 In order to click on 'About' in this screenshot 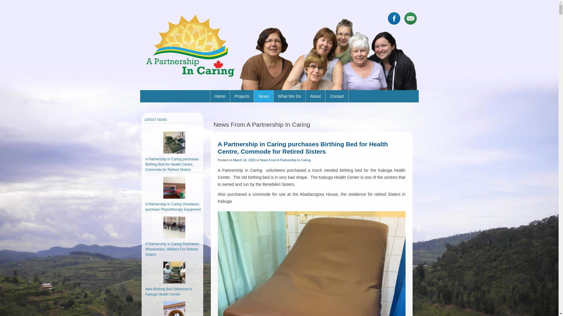, I will do `click(315, 96)`.